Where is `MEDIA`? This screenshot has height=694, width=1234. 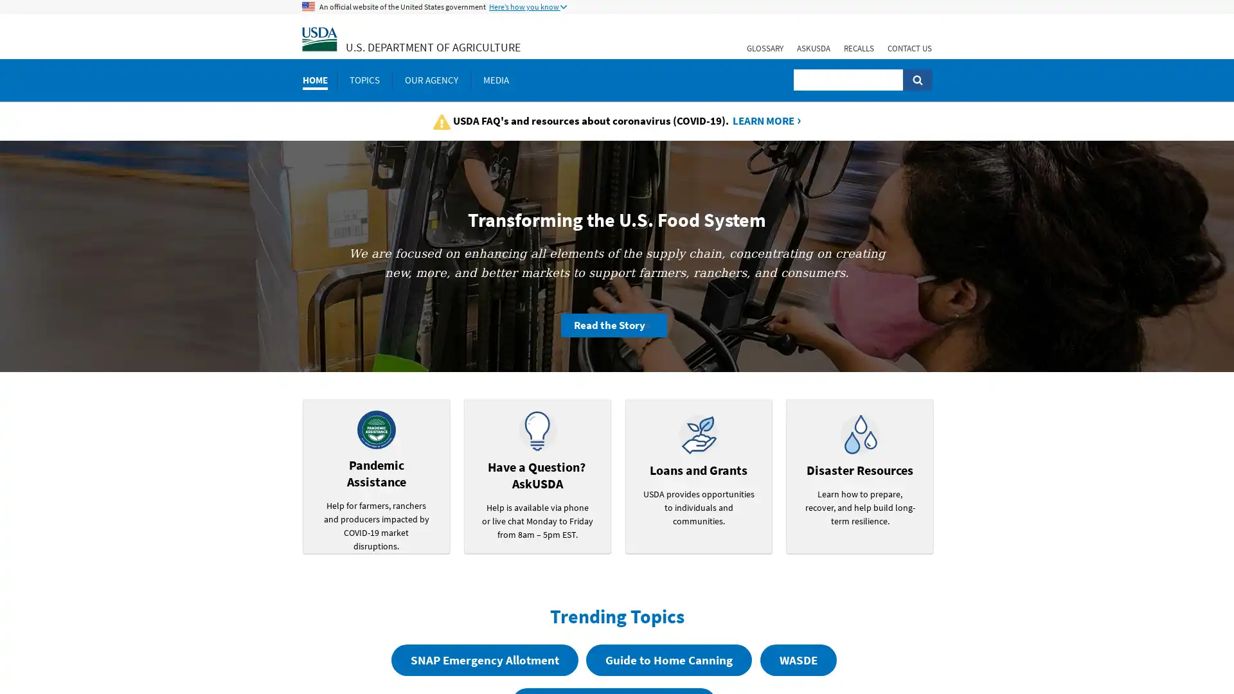
MEDIA is located at coordinates (496, 80).